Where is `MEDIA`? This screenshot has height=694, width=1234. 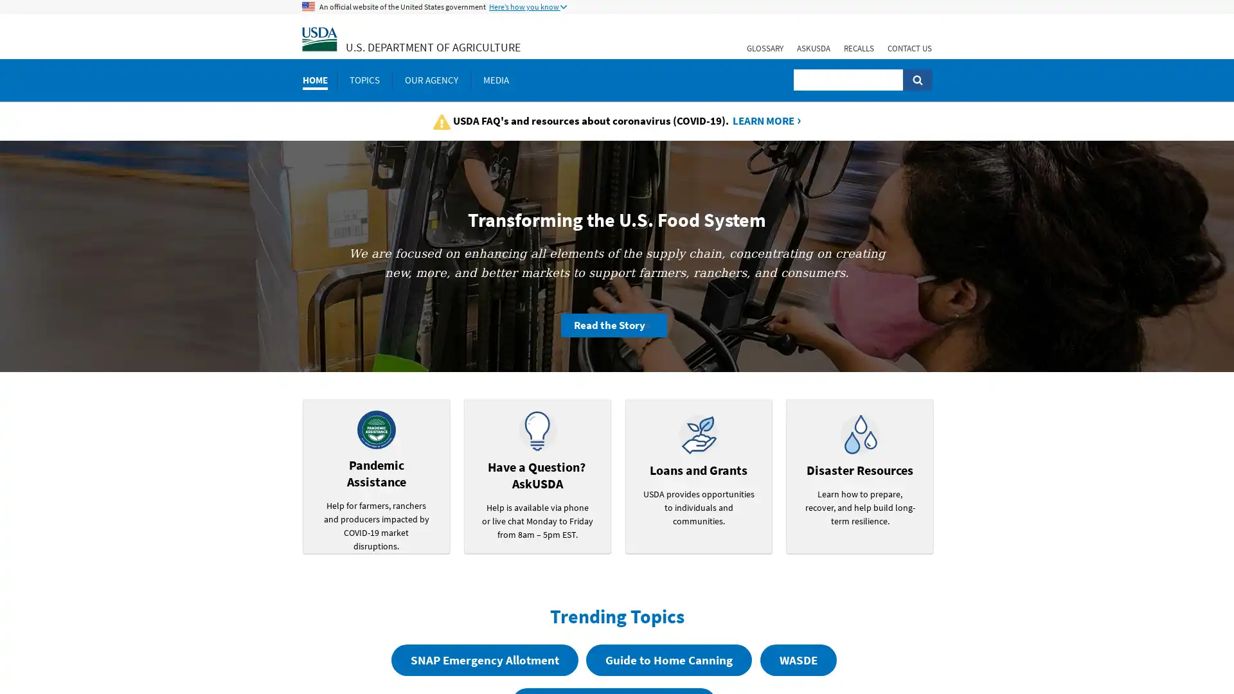
MEDIA is located at coordinates (496, 80).